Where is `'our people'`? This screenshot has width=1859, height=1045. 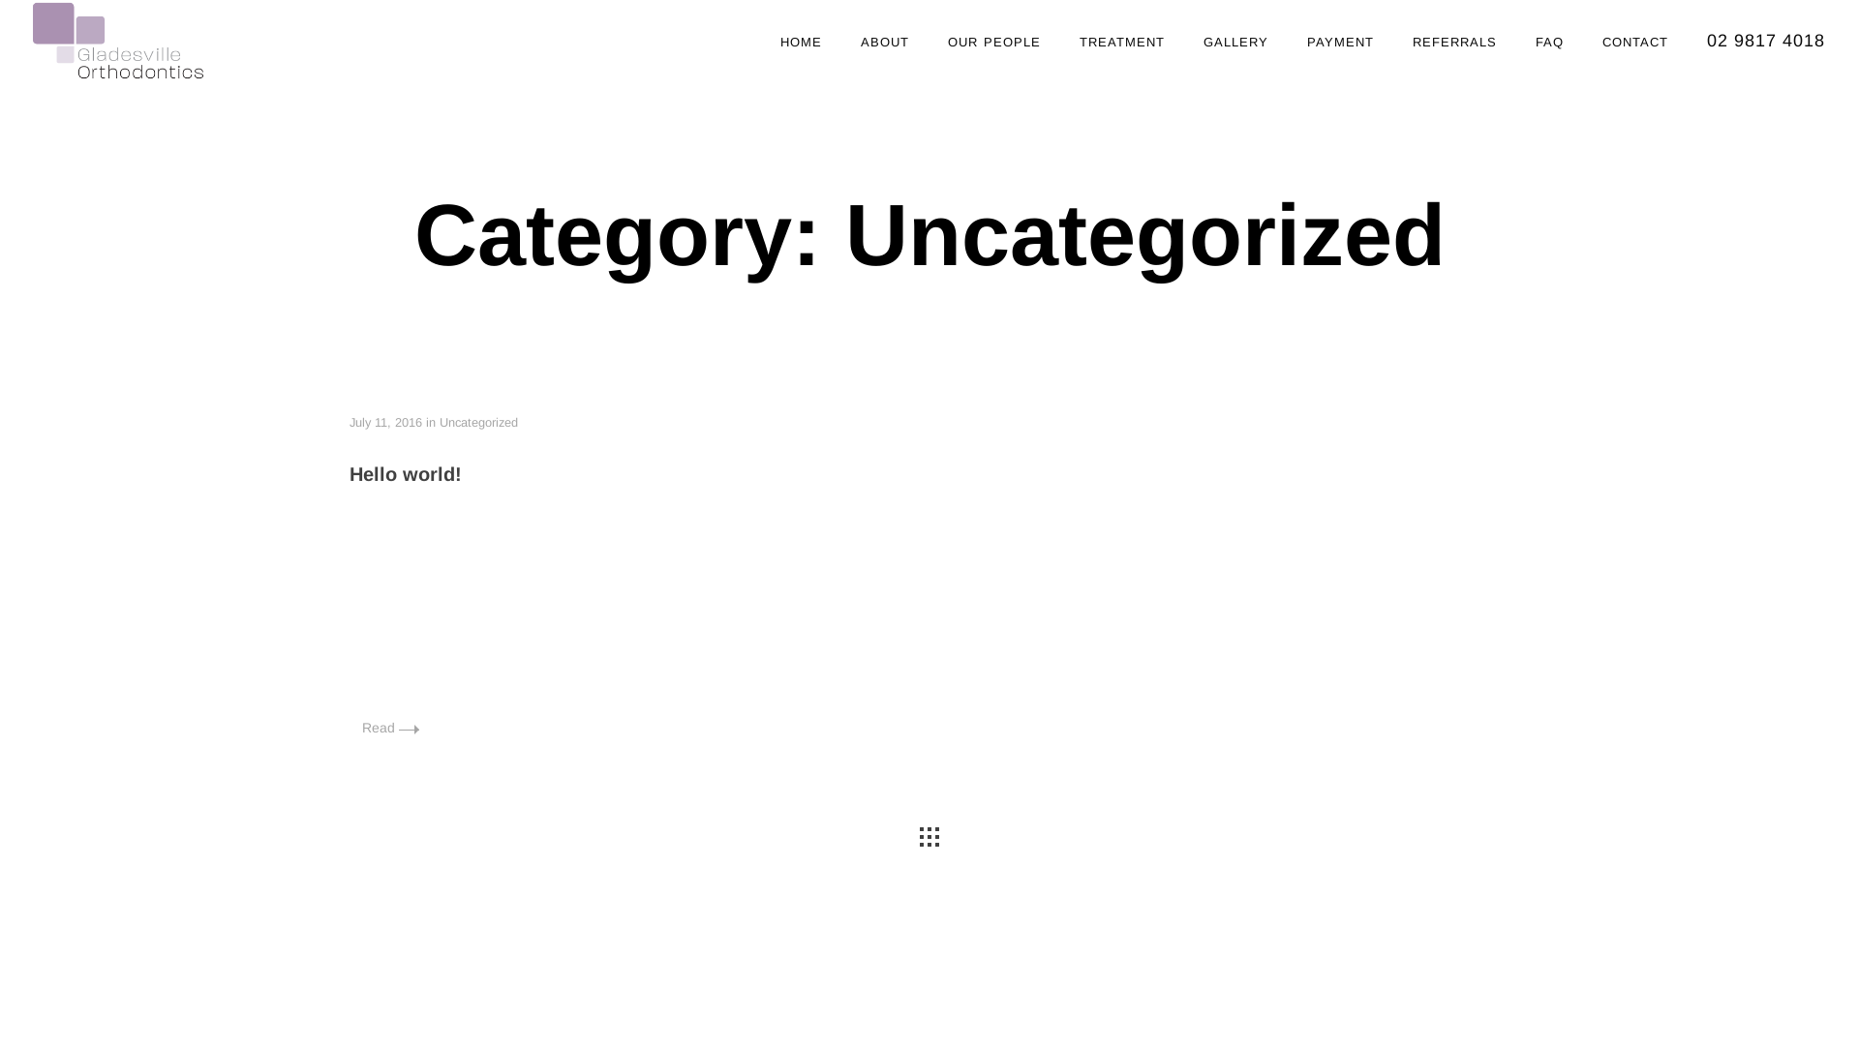
'our people' is located at coordinates (994, 41).